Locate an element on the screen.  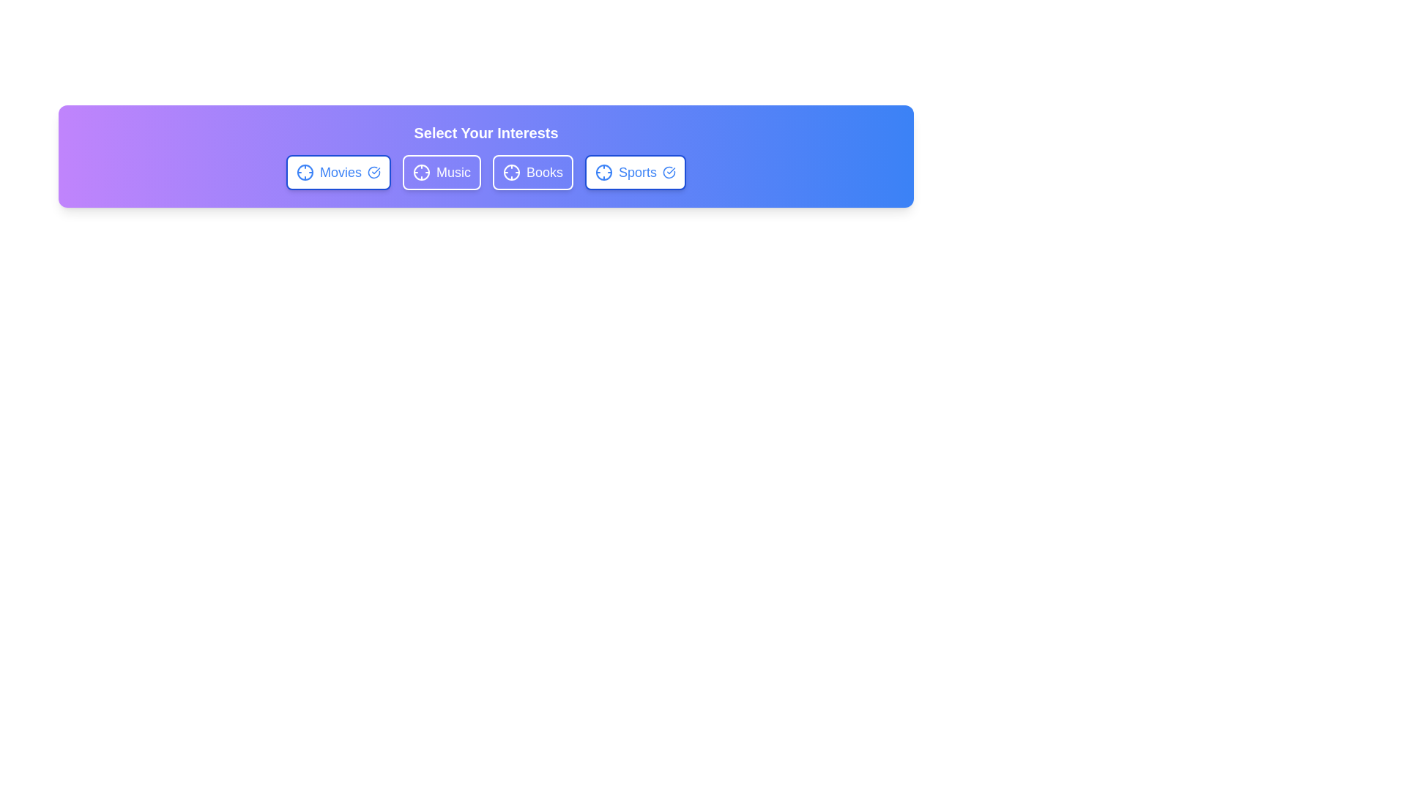
the 'Music' chip to toggle its state is located at coordinates (441, 171).